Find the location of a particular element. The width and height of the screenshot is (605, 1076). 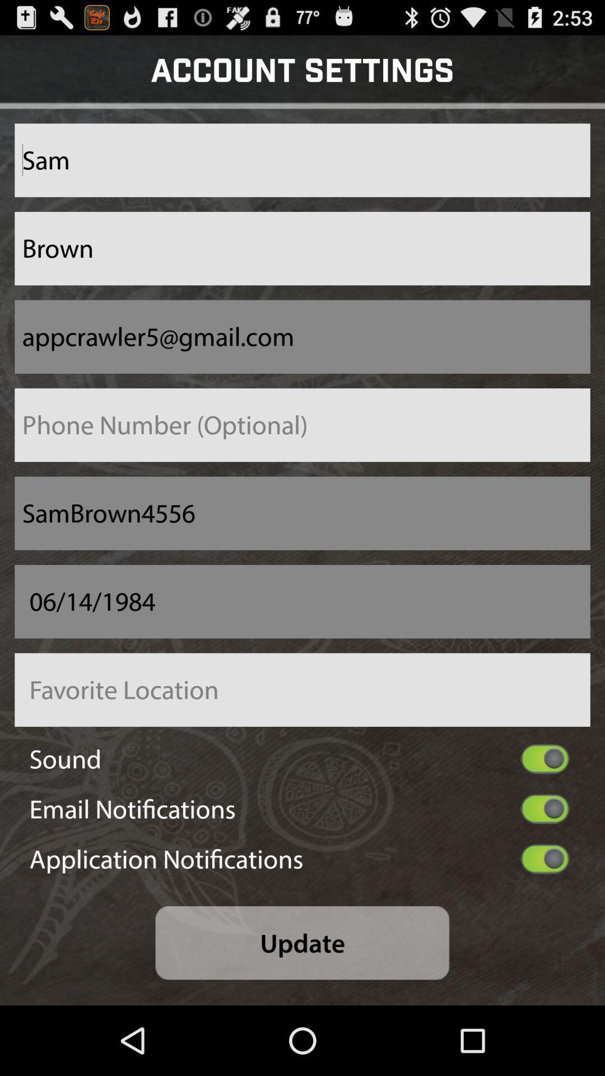

type favorite location is located at coordinates (302, 689).